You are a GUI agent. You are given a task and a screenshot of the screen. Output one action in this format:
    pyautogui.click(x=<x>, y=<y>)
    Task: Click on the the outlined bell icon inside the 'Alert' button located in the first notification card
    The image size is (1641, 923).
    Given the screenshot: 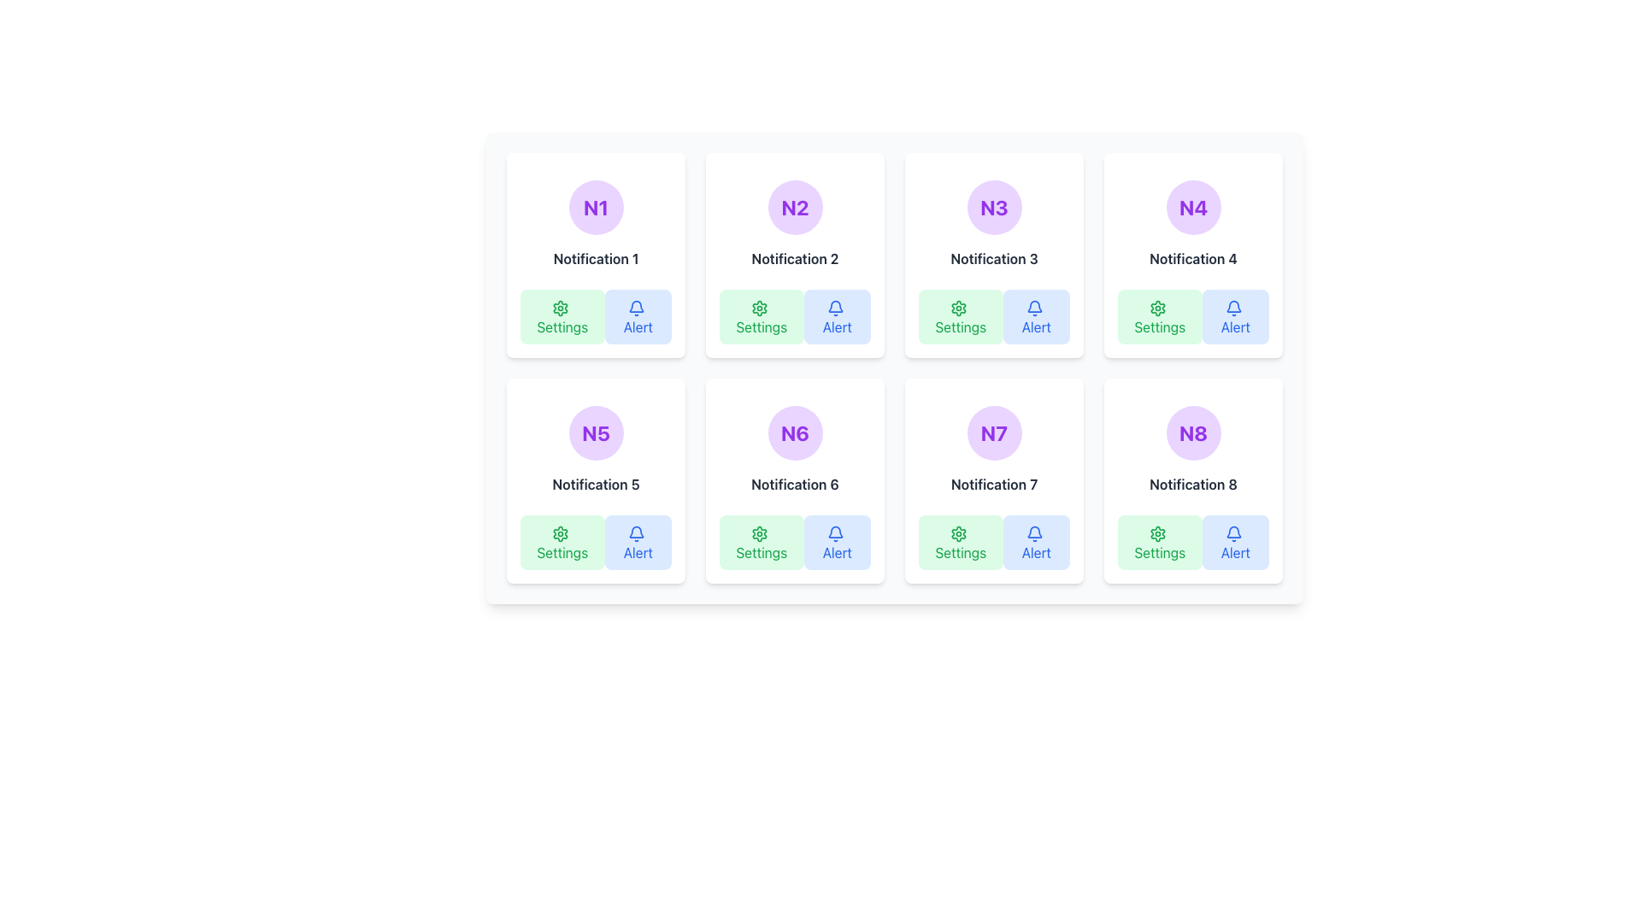 What is the action you would take?
    pyautogui.click(x=635, y=305)
    